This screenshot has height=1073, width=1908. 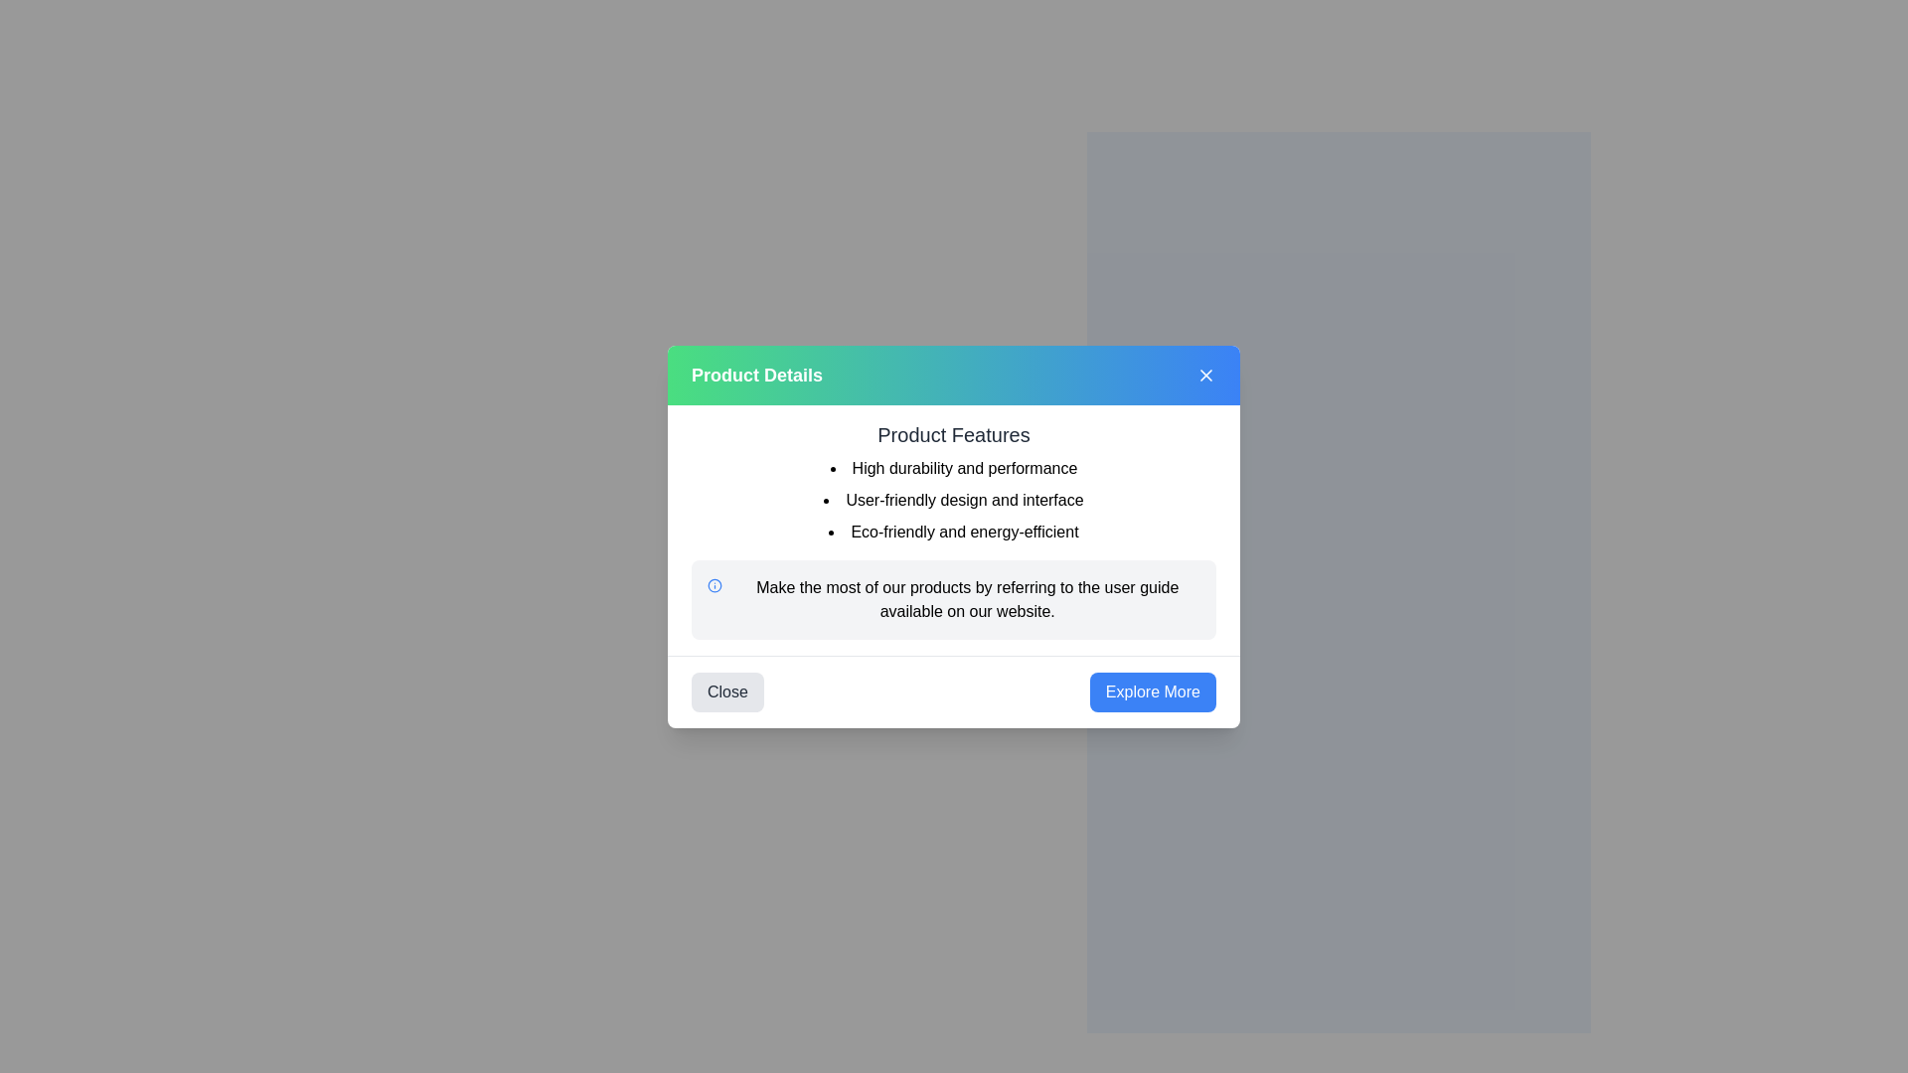 I want to click on the 'Product Features' text label, which is a bold, dark gray label located in the modal's content section, to access neighboring elements below it, so click(x=954, y=433).